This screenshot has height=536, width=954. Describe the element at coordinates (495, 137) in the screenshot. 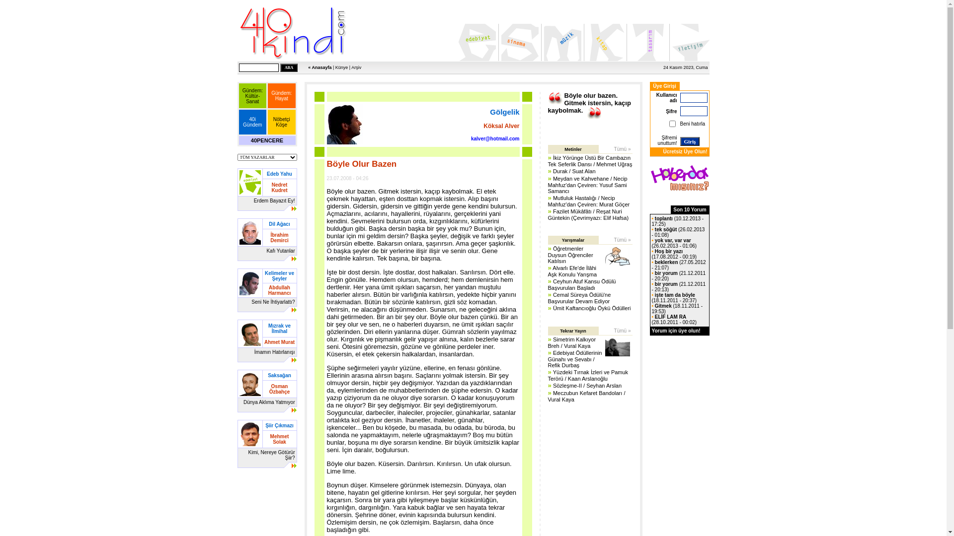

I see `'kalver@hotmail.com'` at that location.